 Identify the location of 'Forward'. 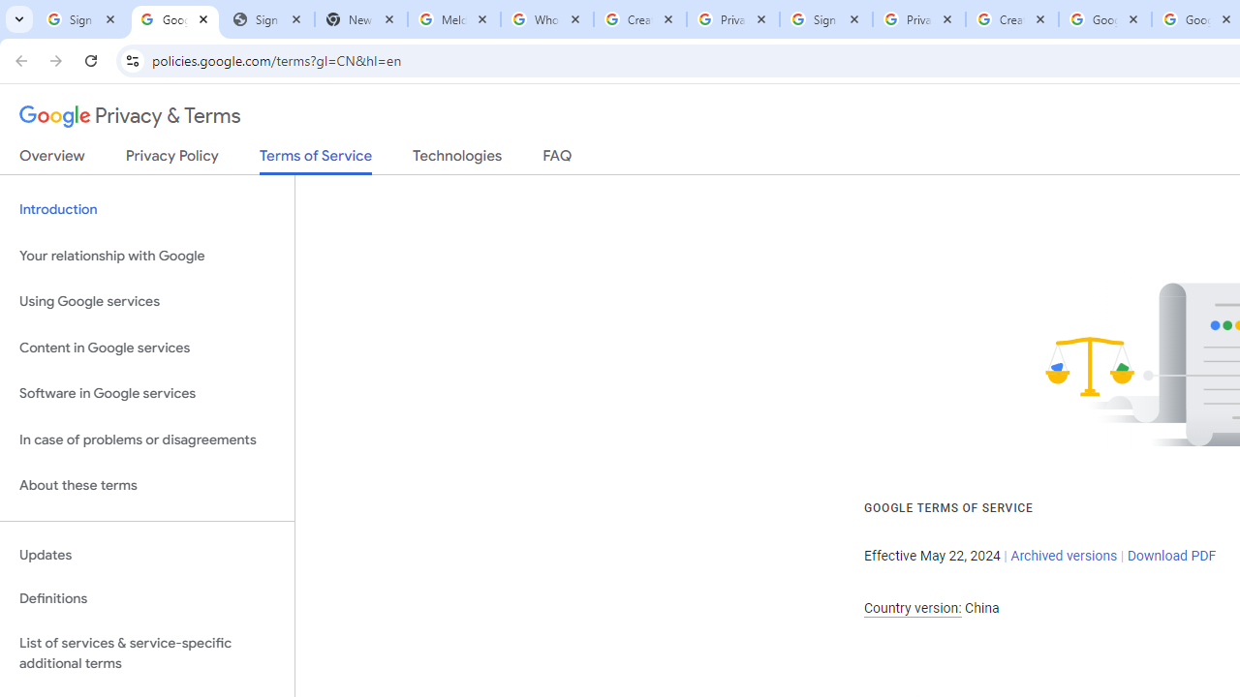
(56, 59).